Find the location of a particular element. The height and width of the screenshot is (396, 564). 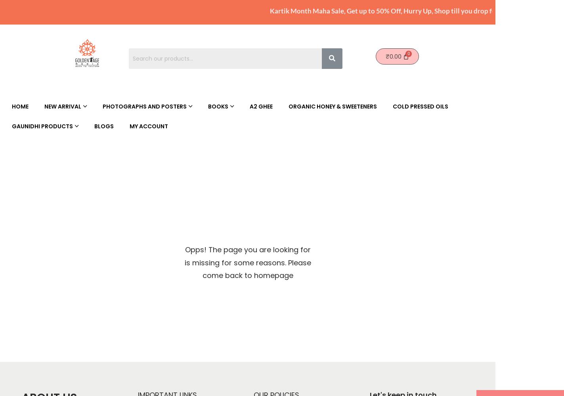

'Type to search' is located at coordinates (131, 384).